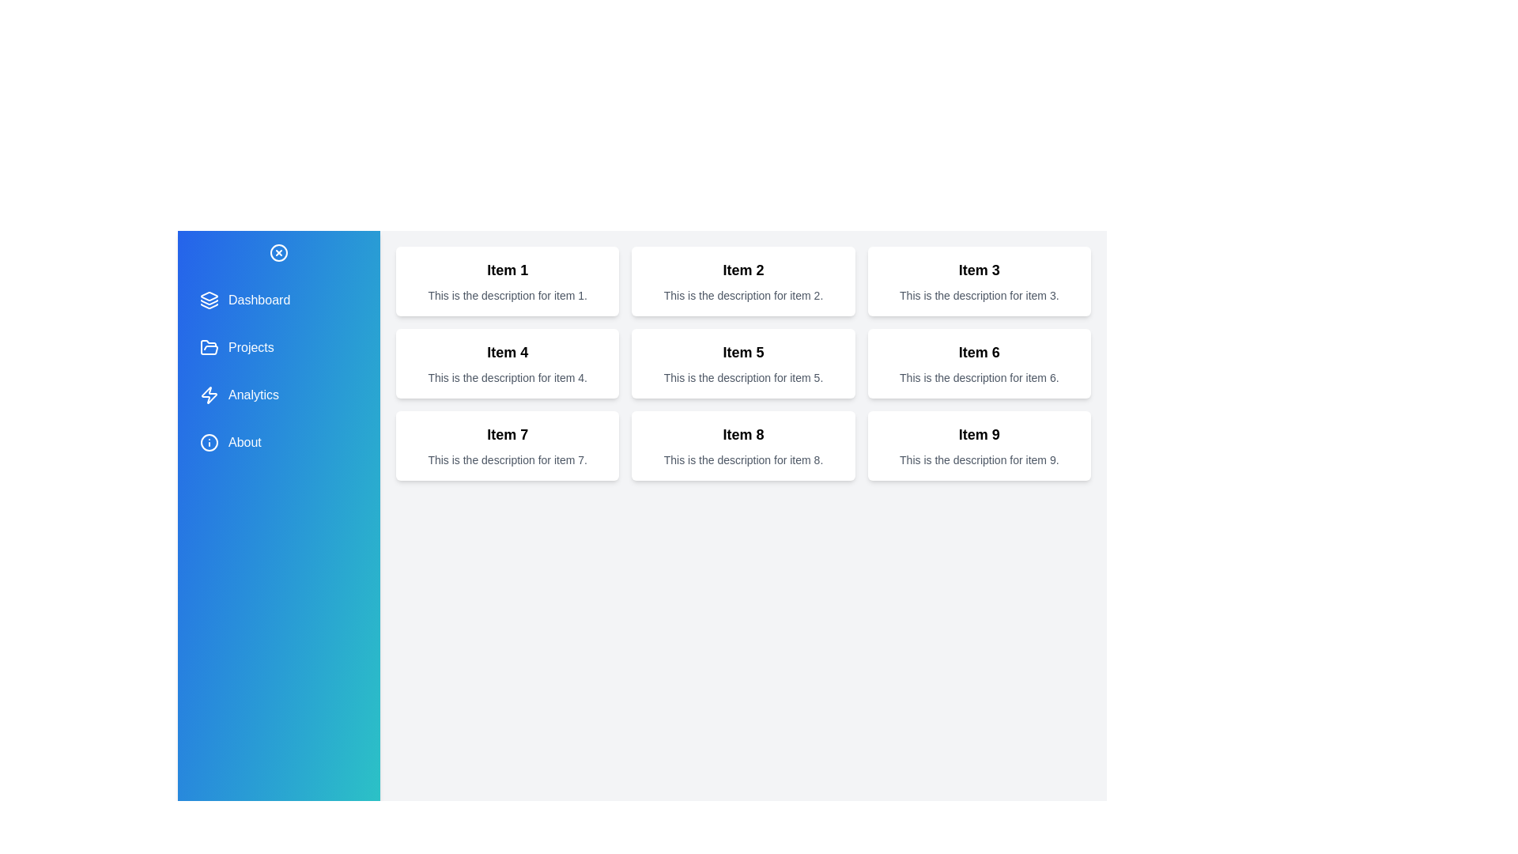 The image size is (1518, 854). Describe the element at coordinates (279, 442) in the screenshot. I see `the menu item 'About' to observe its hover effect` at that location.